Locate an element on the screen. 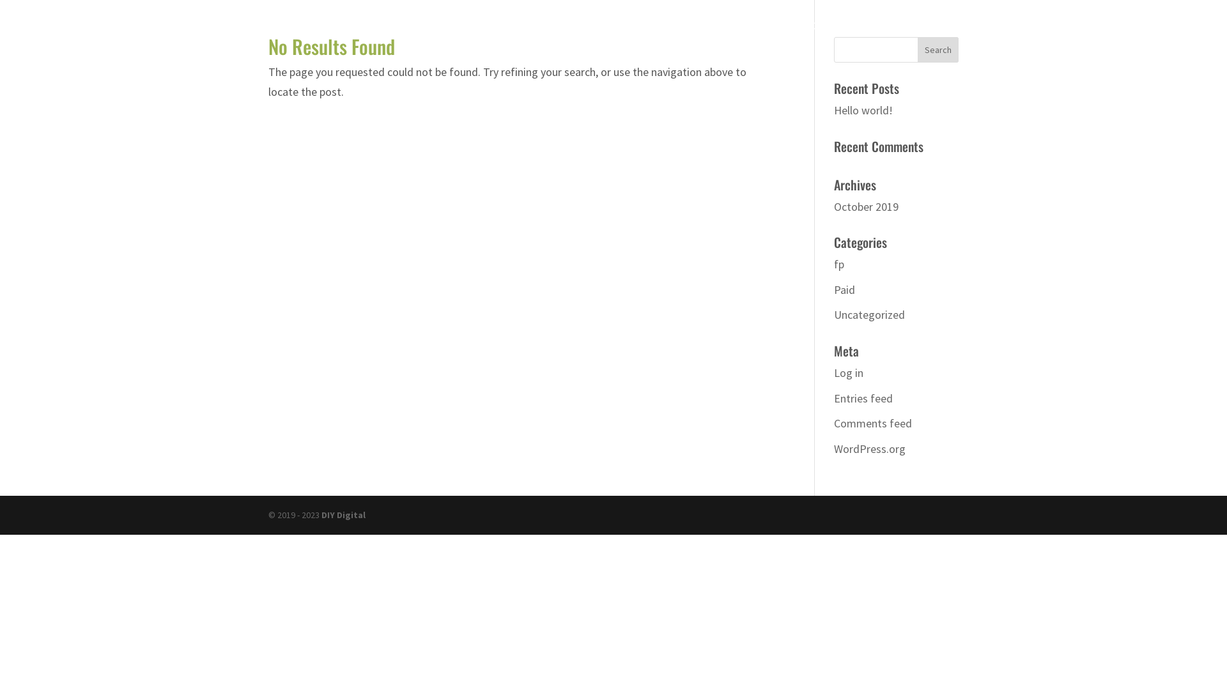  'DIY Digital' is located at coordinates (343, 514).